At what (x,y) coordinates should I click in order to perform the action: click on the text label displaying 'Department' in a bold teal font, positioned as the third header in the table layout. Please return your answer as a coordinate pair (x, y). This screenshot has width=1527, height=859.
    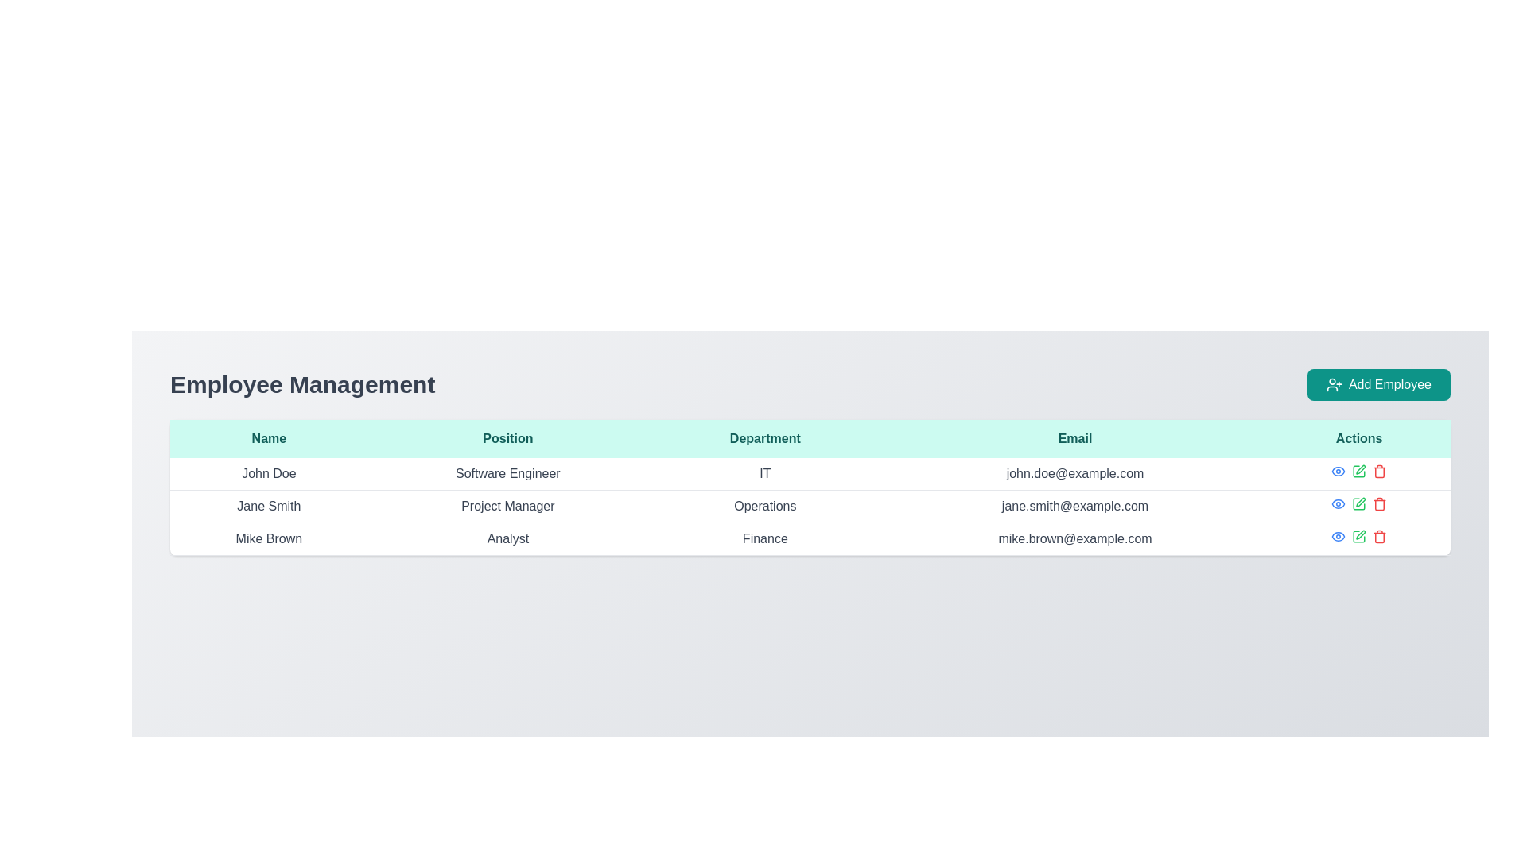
    Looking at the image, I should click on (765, 438).